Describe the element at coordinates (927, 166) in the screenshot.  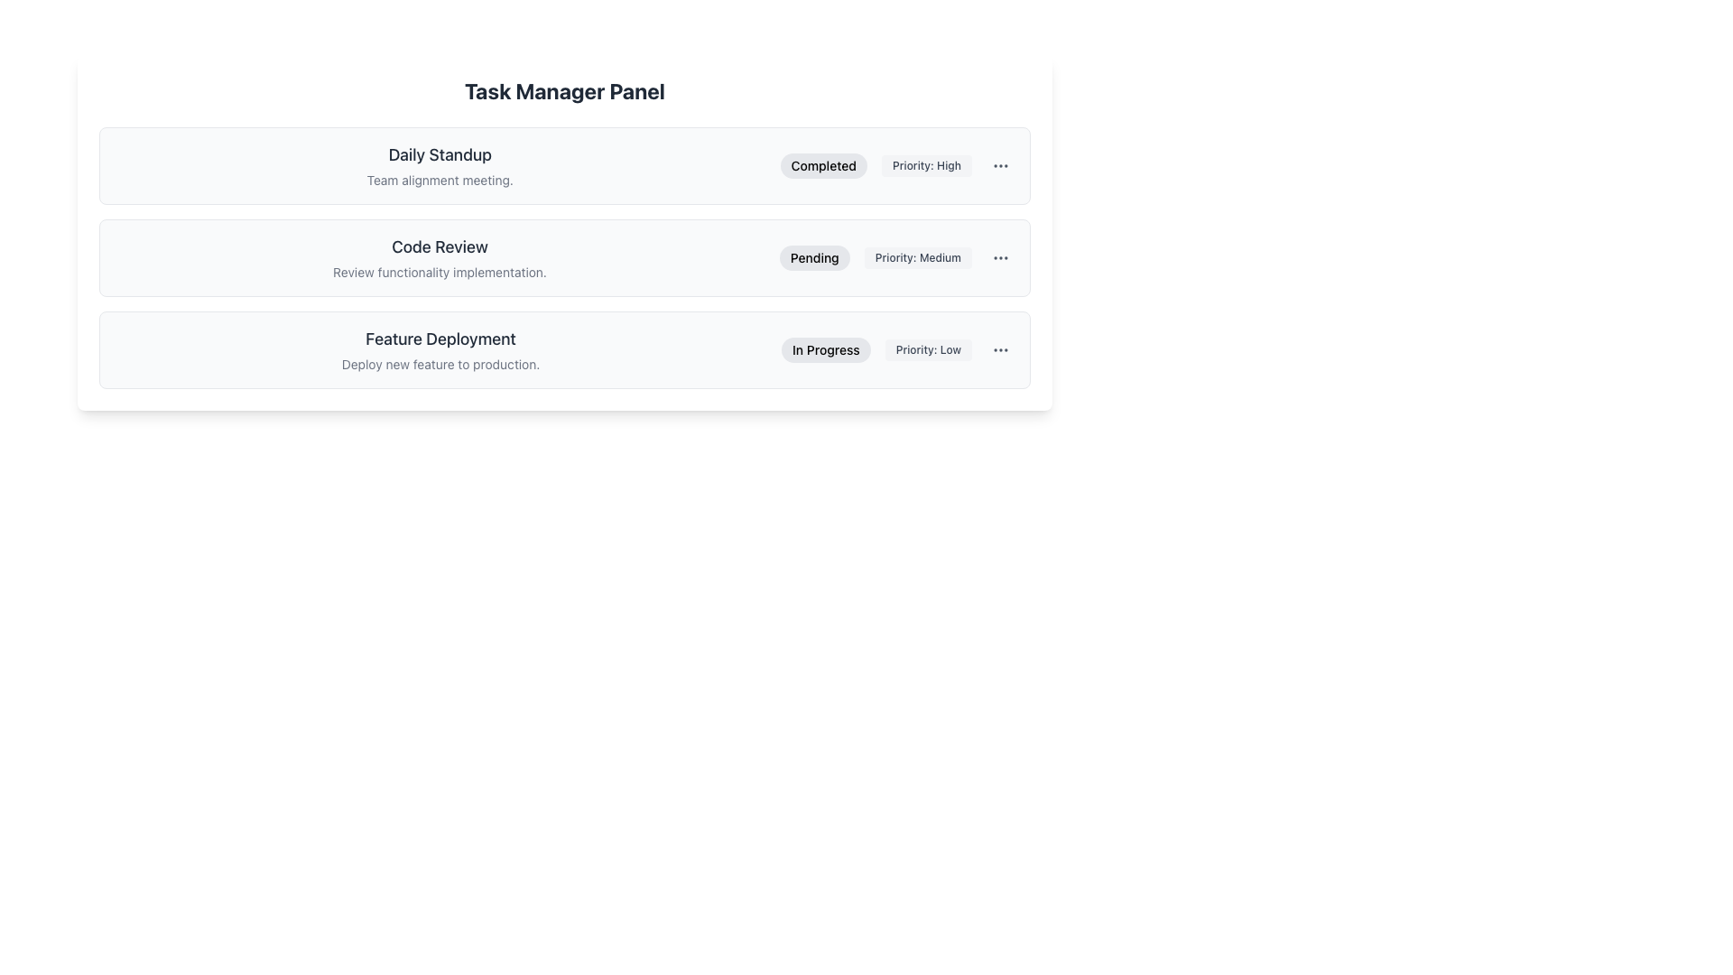
I see `the 'Priority: High' text label, which is styled with a light gray background and located within the first task card of the 'Task Manager Panel'. It is positioned between the 'Completed' status label and an ellipsis icon` at that location.